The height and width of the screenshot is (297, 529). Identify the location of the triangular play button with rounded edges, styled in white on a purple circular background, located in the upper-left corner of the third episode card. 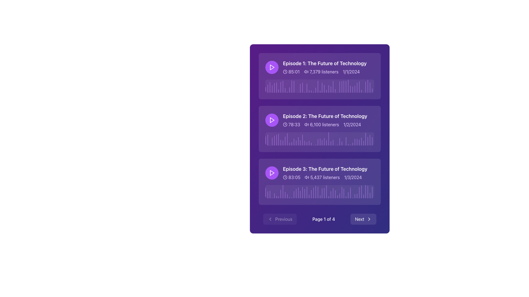
(272, 172).